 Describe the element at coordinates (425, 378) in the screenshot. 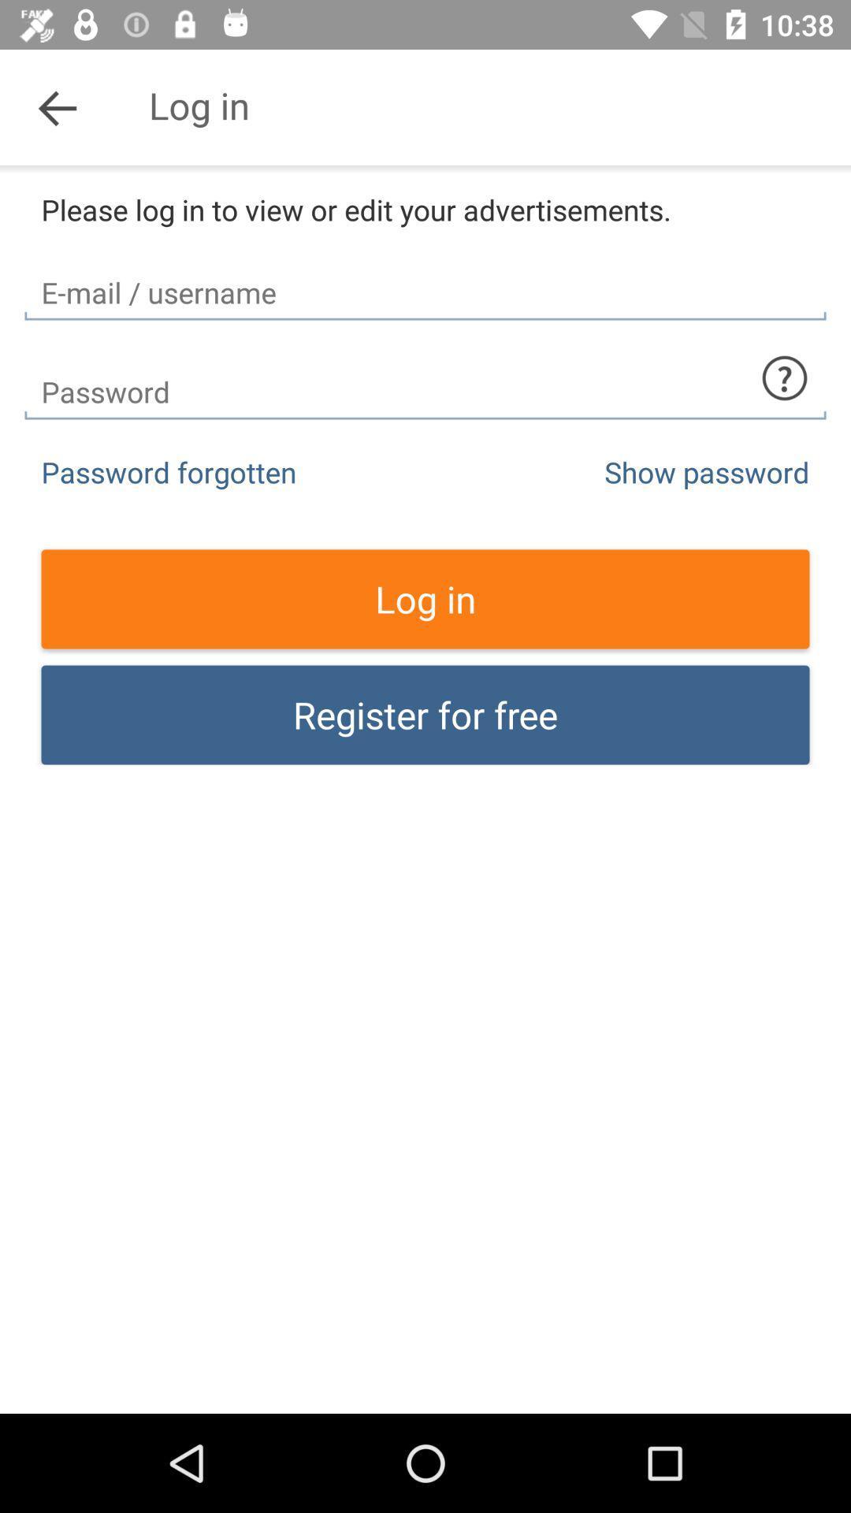

I see `password` at that location.